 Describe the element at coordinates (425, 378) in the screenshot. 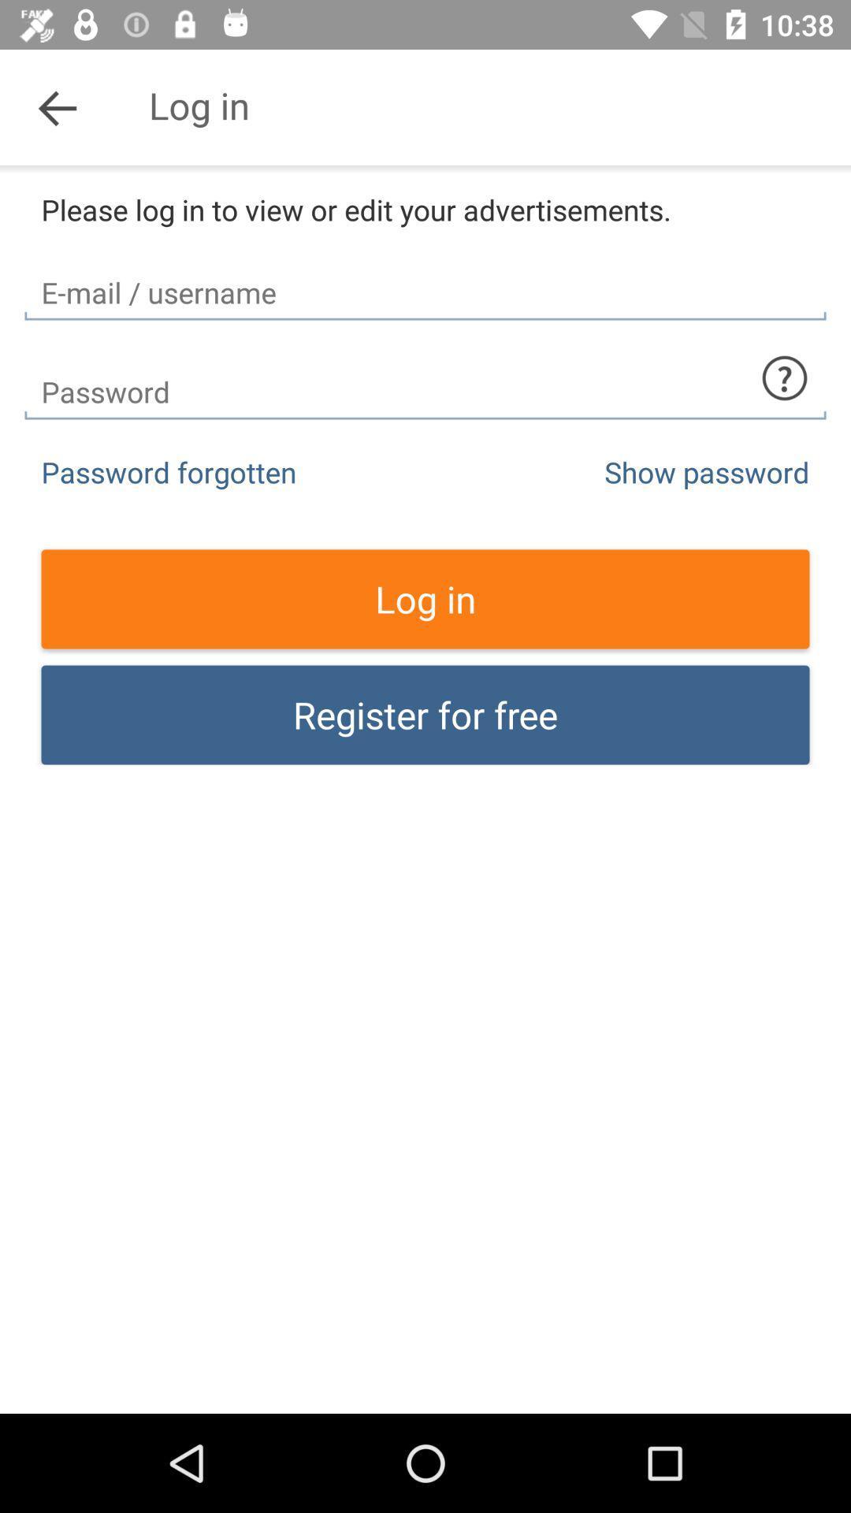

I see `password` at that location.